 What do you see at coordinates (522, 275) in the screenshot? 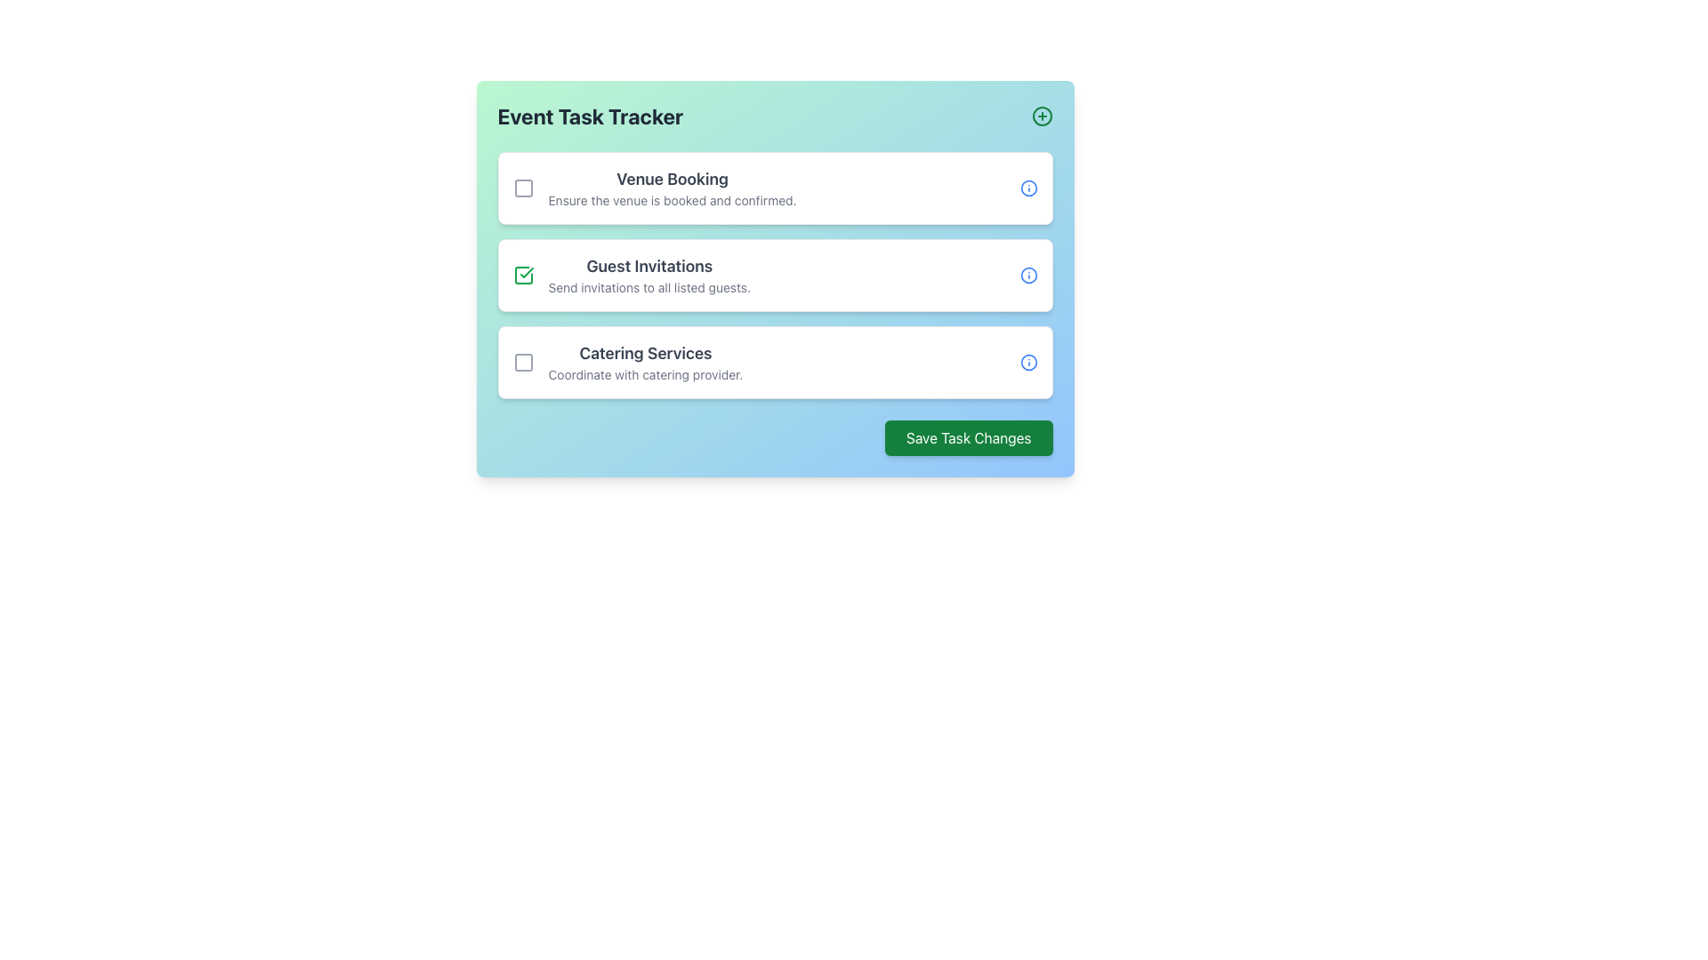
I see `the Checkbox with checkmark` at bounding box center [522, 275].